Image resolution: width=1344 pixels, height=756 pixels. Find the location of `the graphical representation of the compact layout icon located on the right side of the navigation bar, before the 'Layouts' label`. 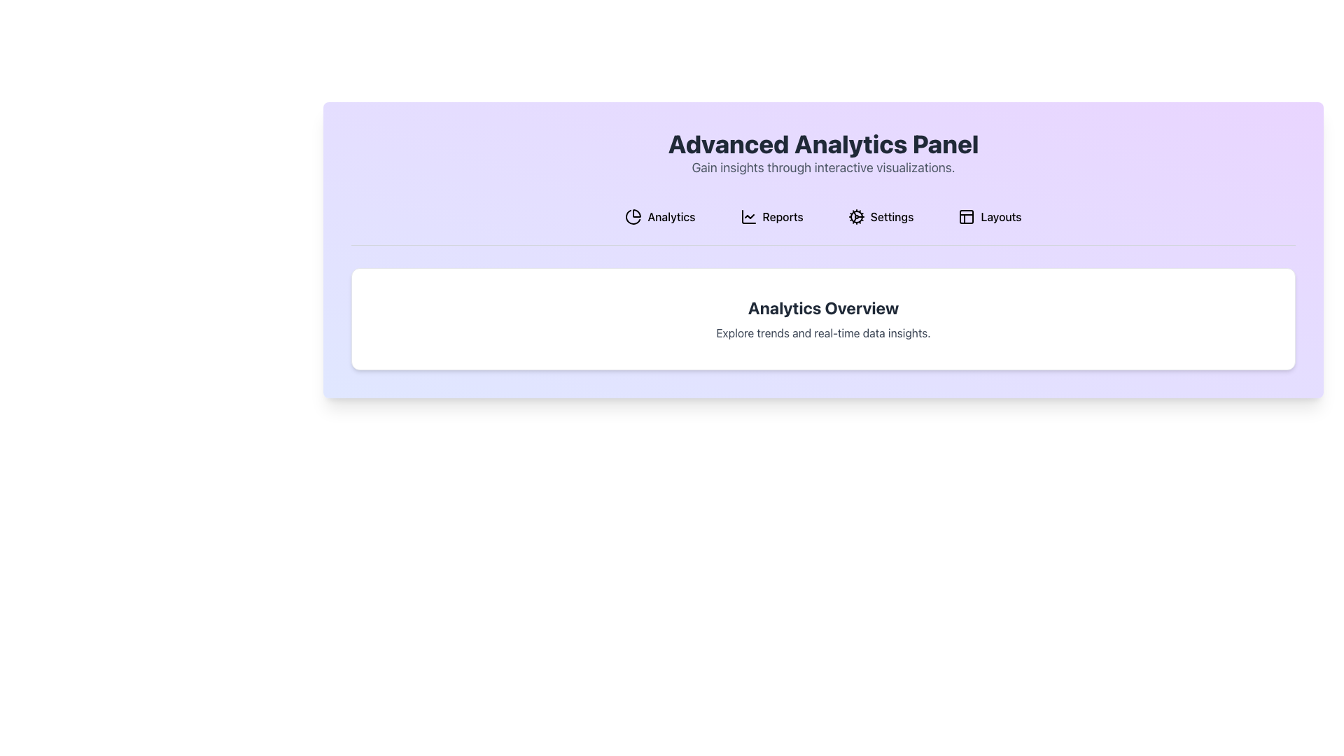

the graphical representation of the compact layout icon located on the right side of the navigation bar, before the 'Layouts' label is located at coordinates (966, 216).